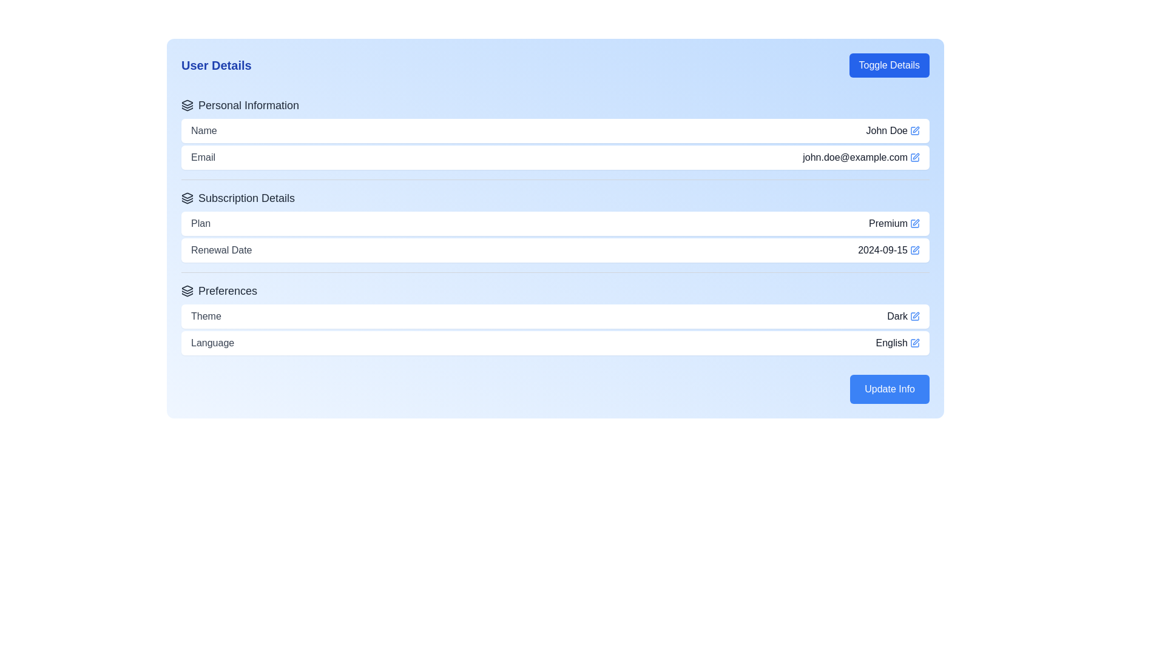 Image resolution: width=1165 pixels, height=655 pixels. I want to click on the text label displaying 'Dark', which is styled in medium gray and located next to a small blue pen icon in the 'Theme' section of the 'Preferences' area, so click(903, 315).